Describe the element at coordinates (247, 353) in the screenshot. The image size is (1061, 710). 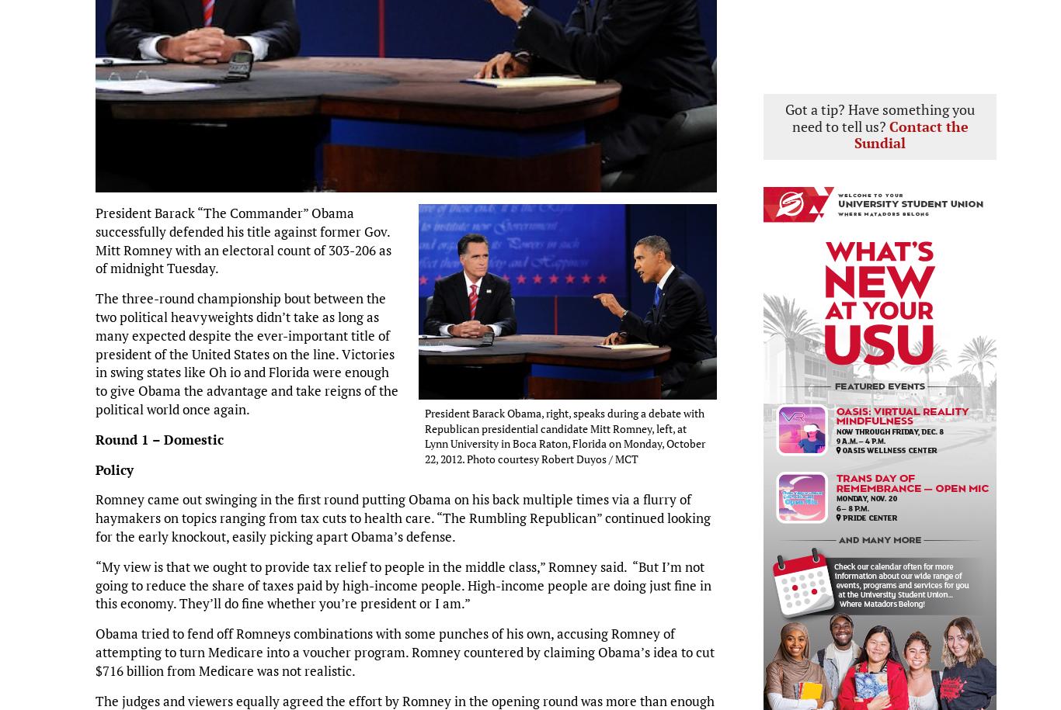
I see `'The three-round championship bout between the two political heavyweights didn’t take as long as many expected despite the ever-important title of president of the United States on the line. Victories in swing states like Oh io and Florida were enough to give Obama the advantage and take reigns of the political world once again.'` at that location.